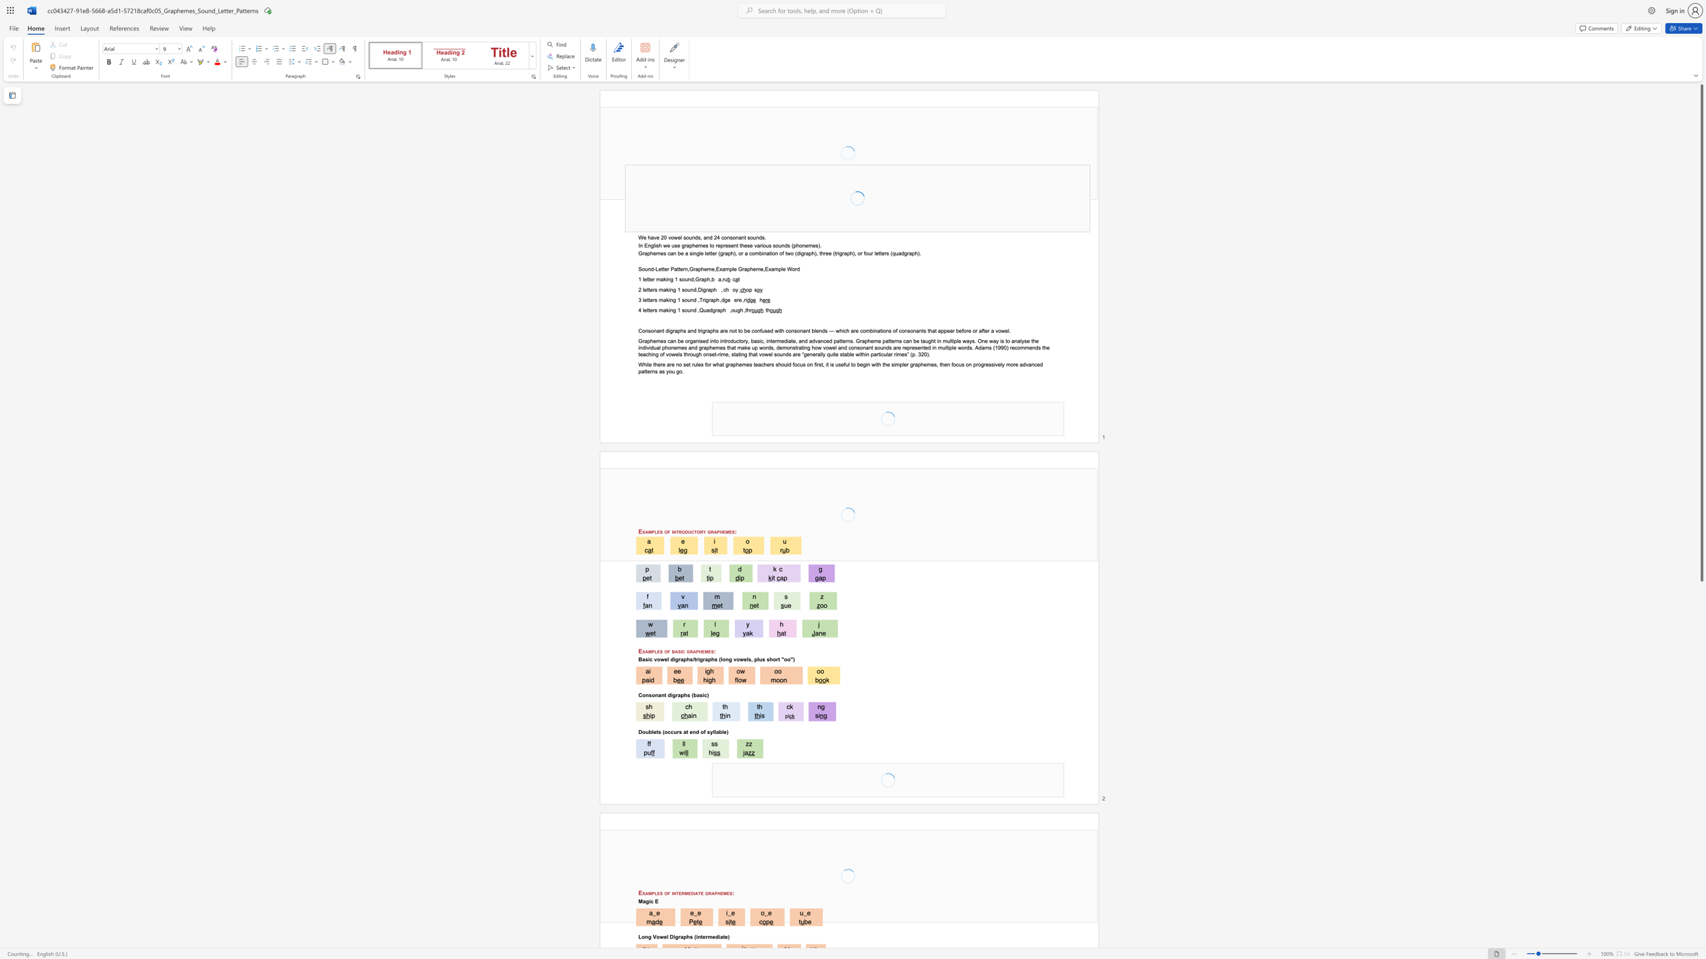 The image size is (1706, 959). What do you see at coordinates (1701, 919) in the screenshot?
I see `the scrollbar on the right side to scroll the page down` at bounding box center [1701, 919].